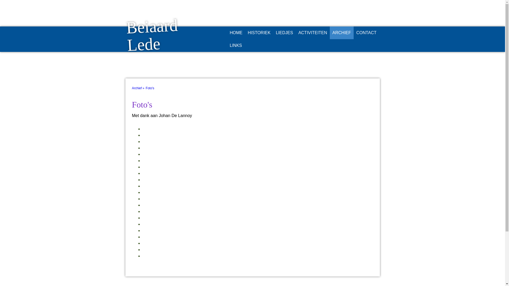 This screenshot has width=509, height=286. I want to click on 'Archief', so click(139, 88).